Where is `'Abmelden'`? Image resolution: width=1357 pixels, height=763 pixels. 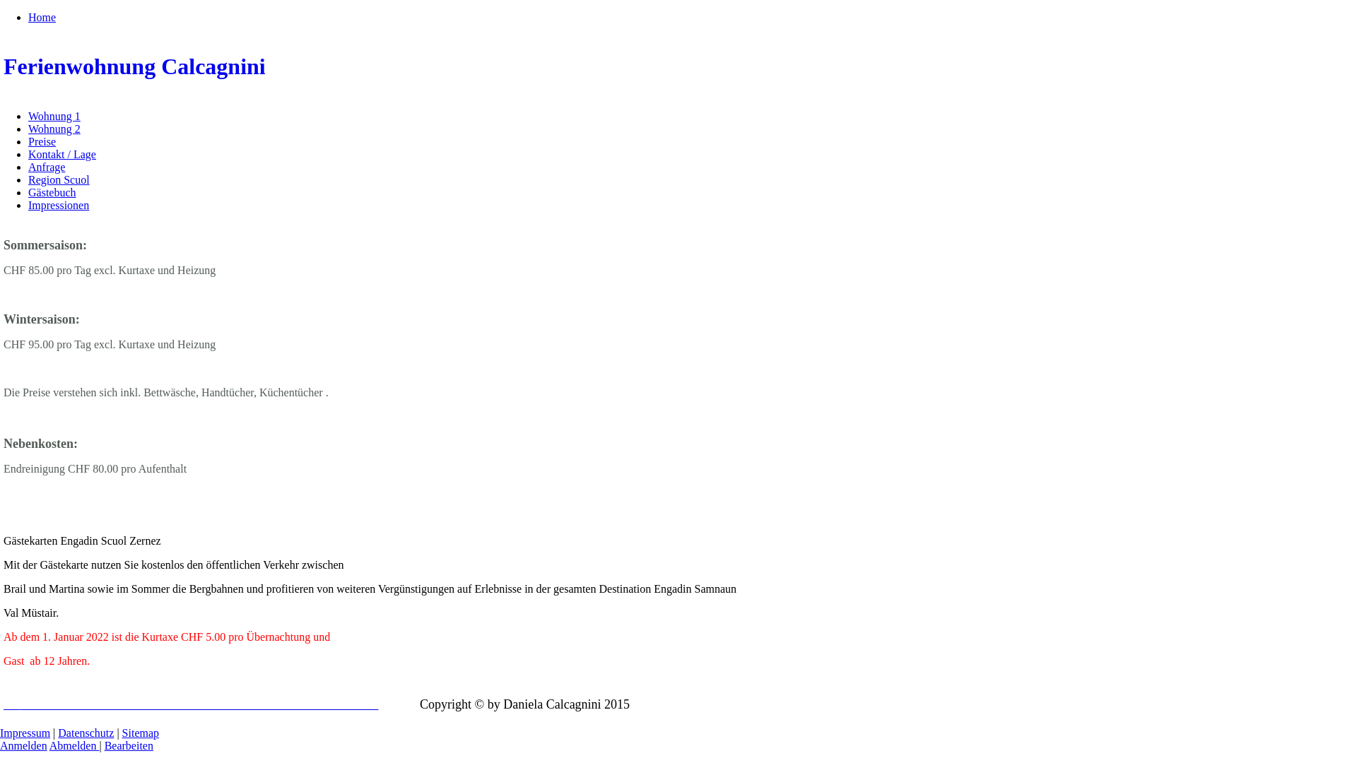 'Abmelden' is located at coordinates (49, 745).